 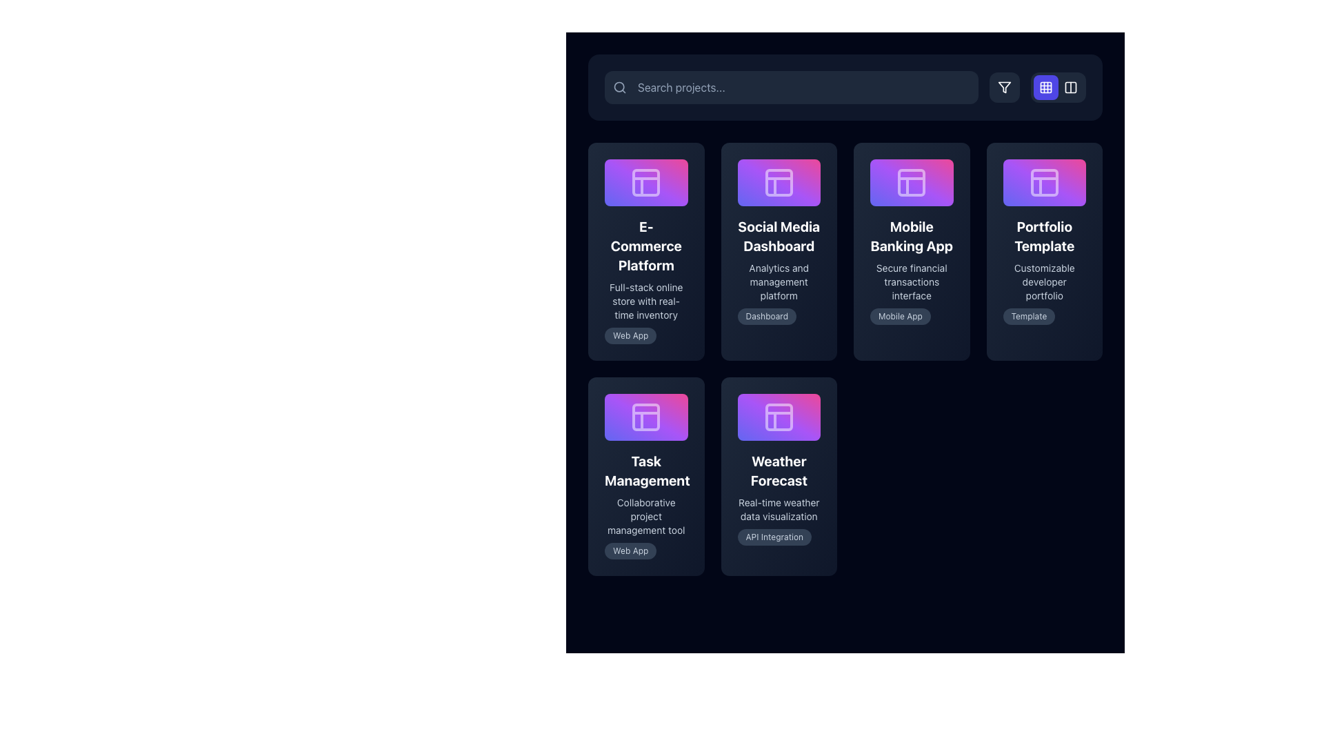 I want to click on the static informational text that displays 'Analytics and management platform' in light gray, positioned below the bold title 'Social Media Dashboard', so click(x=779, y=281).